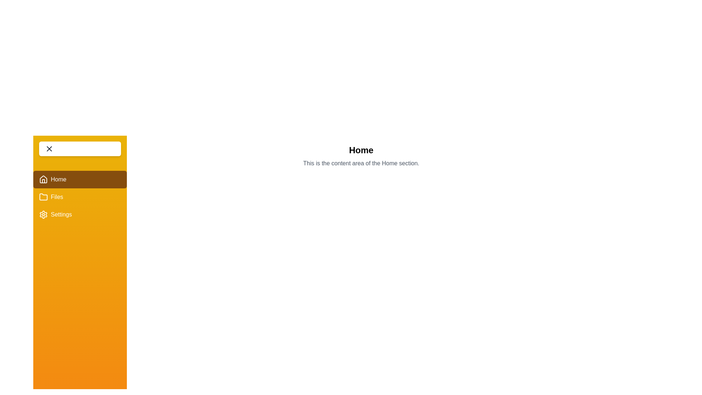 The height and width of the screenshot is (395, 702). I want to click on the Files tab in the navigation menu, so click(80, 197).